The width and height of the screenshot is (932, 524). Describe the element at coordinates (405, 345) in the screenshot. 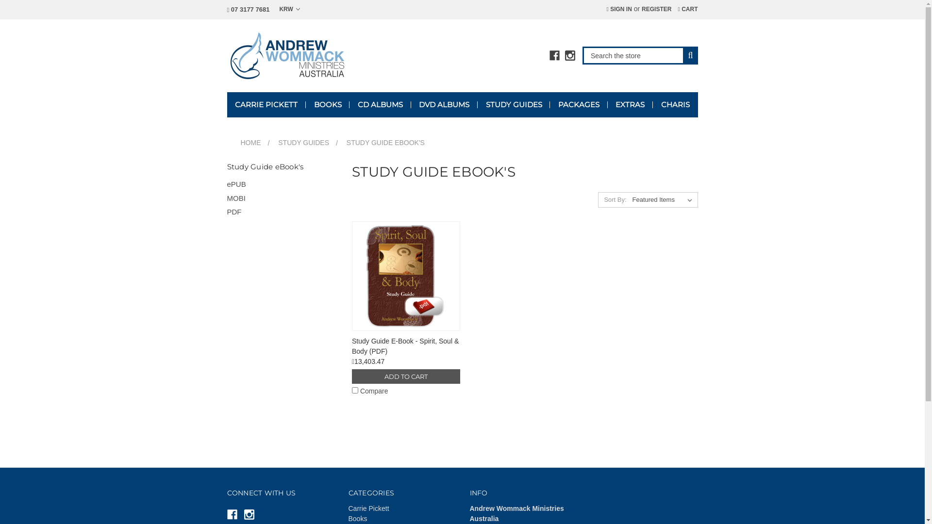

I see `'Study Guide E-Book - Spirit, Soul & Body (PDF)'` at that location.